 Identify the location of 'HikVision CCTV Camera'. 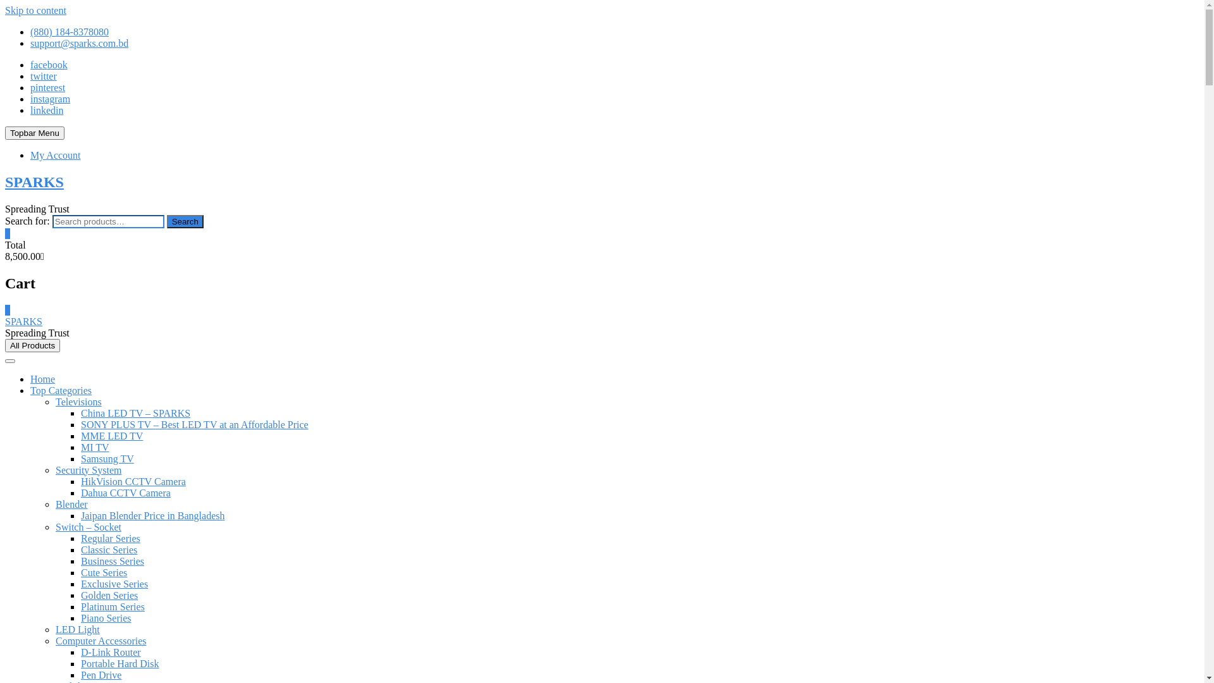
(133, 481).